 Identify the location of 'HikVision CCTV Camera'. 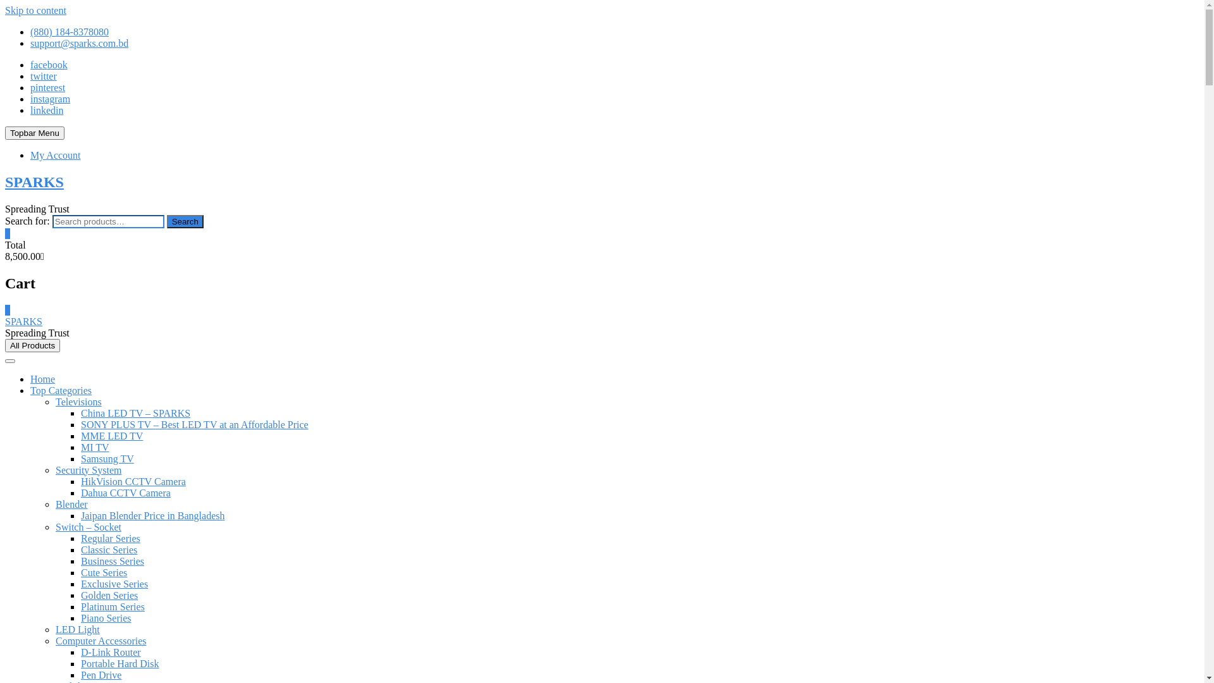
(133, 481).